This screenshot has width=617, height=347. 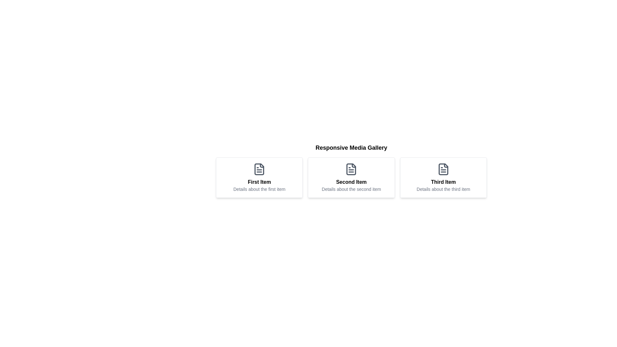 What do you see at coordinates (259, 189) in the screenshot?
I see `the text label that provides additional descriptive information about the first item in the list, located under the title 'First Item'` at bounding box center [259, 189].